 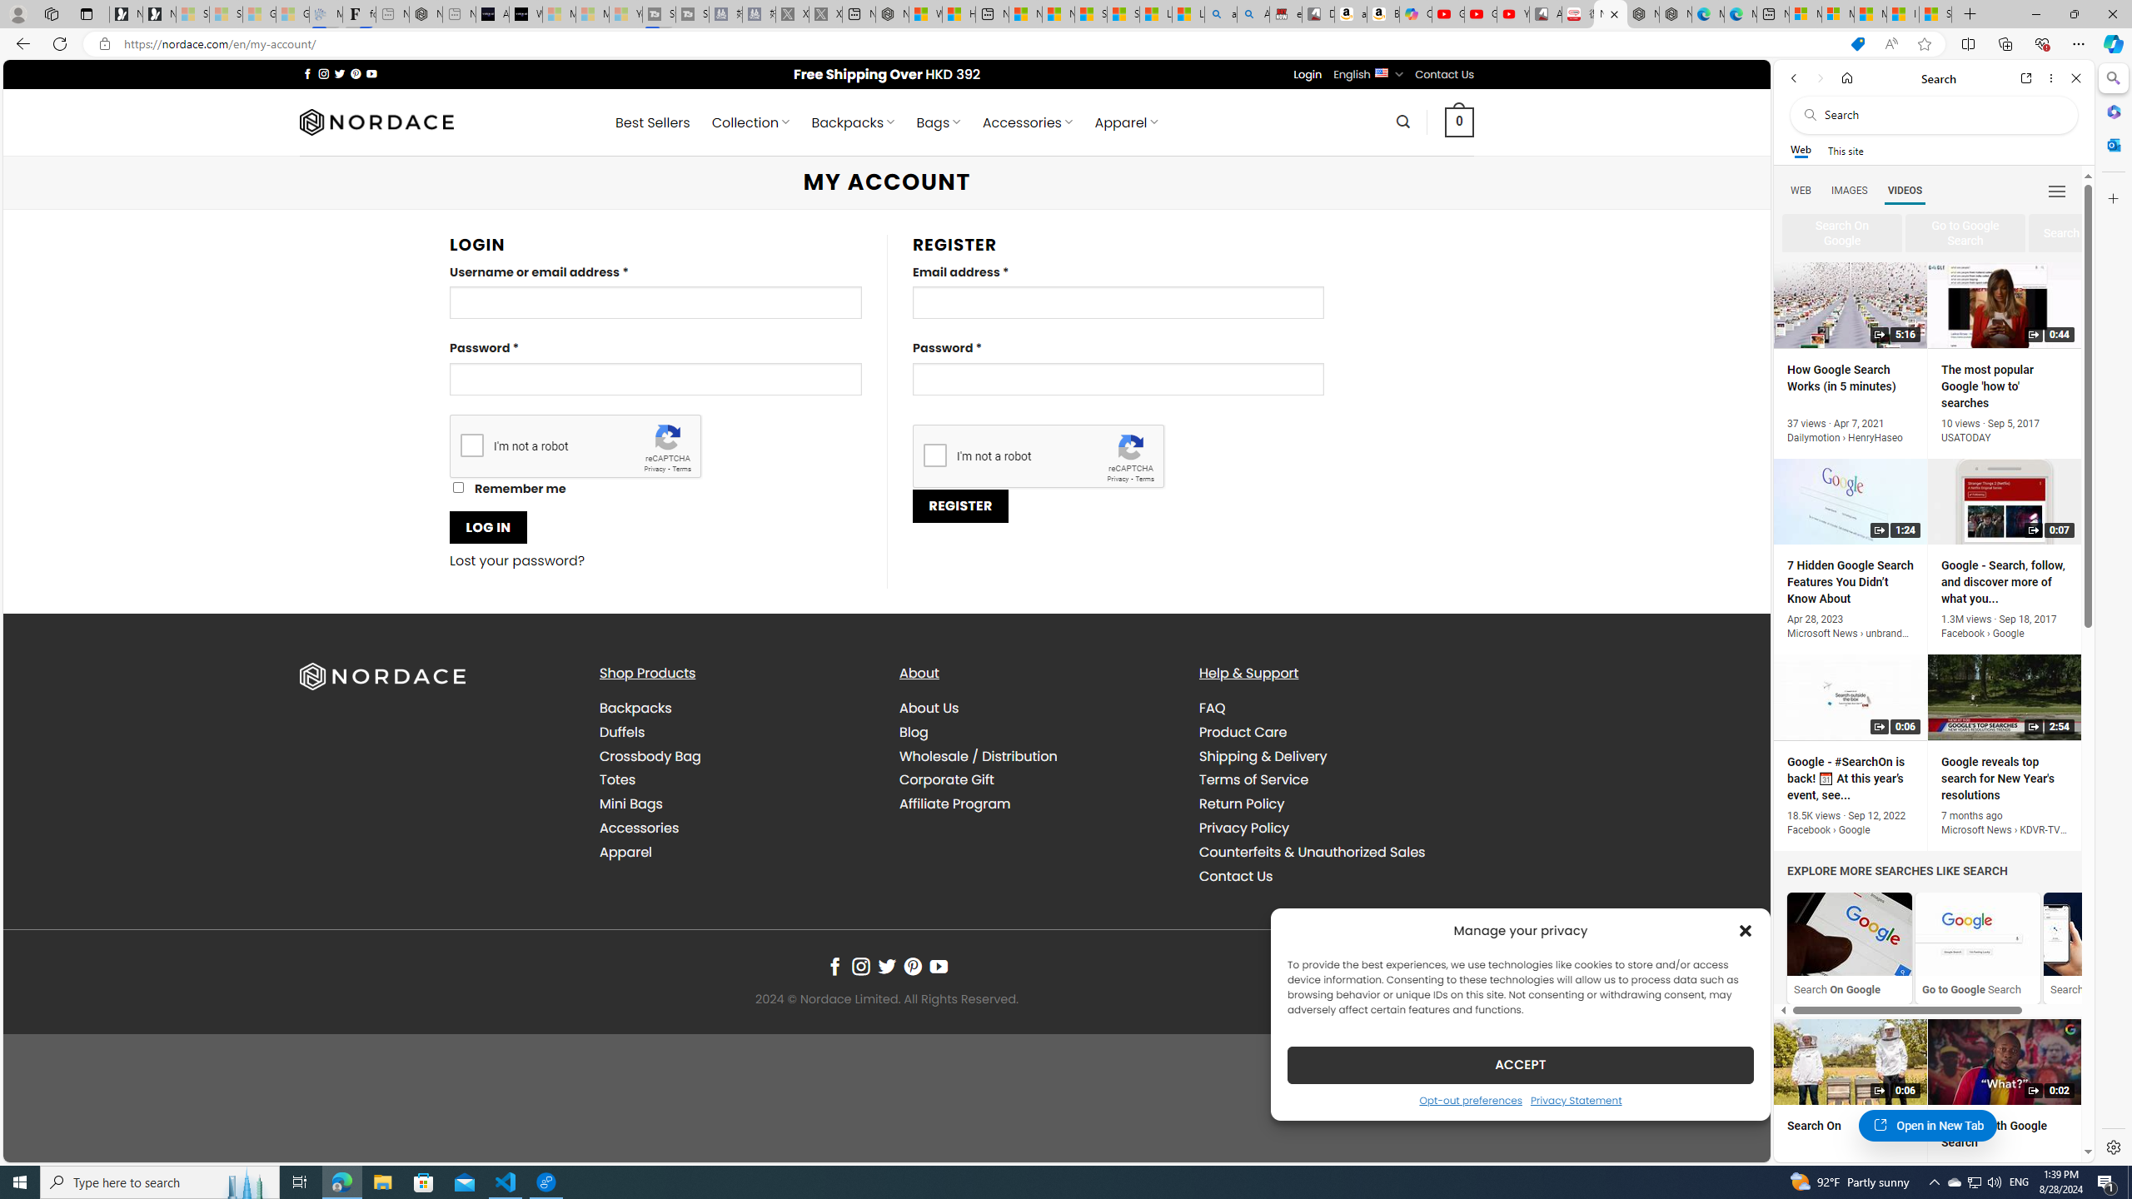 What do you see at coordinates (630, 803) in the screenshot?
I see `'Mini Bags'` at bounding box center [630, 803].